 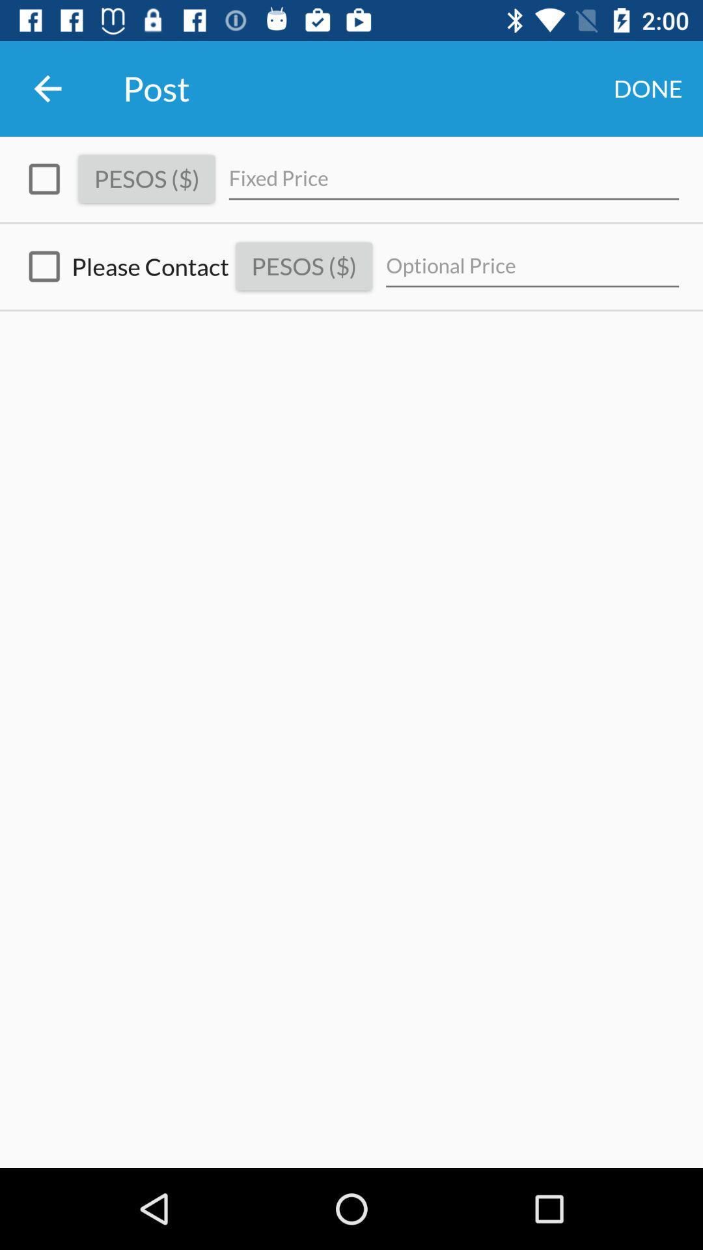 I want to click on optional price, so click(x=532, y=266).